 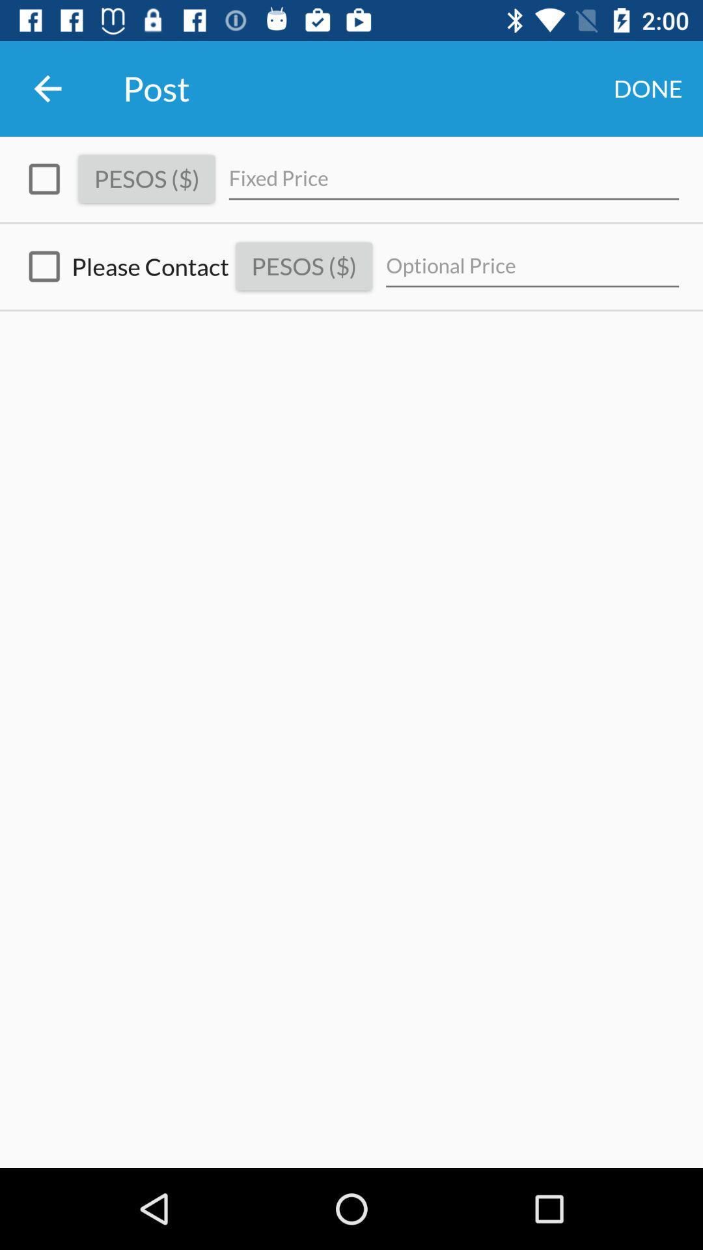 I want to click on optional price, so click(x=532, y=266).